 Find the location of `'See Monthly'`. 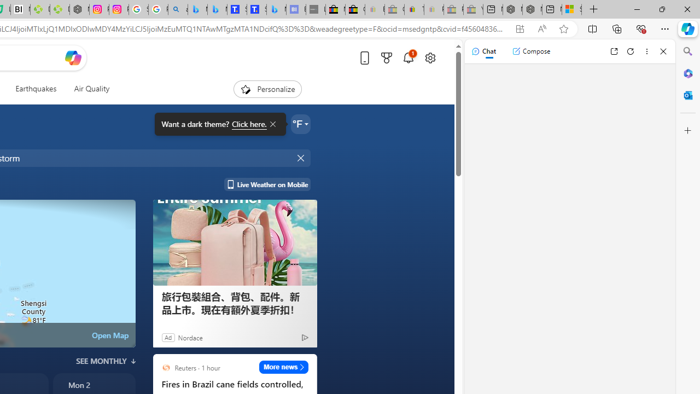

'See Monthly' is located at coordinates (106, 361).